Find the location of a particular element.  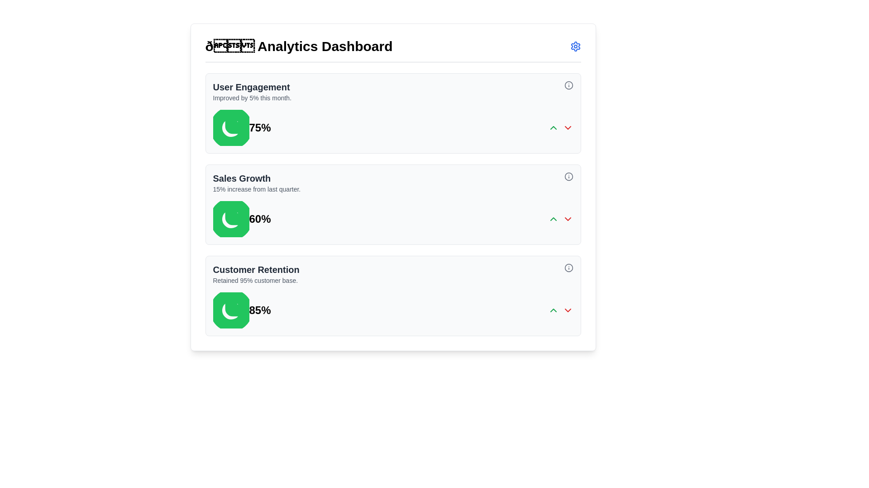

the pie chart segment element located in the bottom-right corner of the 'Customer Retention' card, which is visually represented with black outlines on a white background is located at coordinates (230, 310).